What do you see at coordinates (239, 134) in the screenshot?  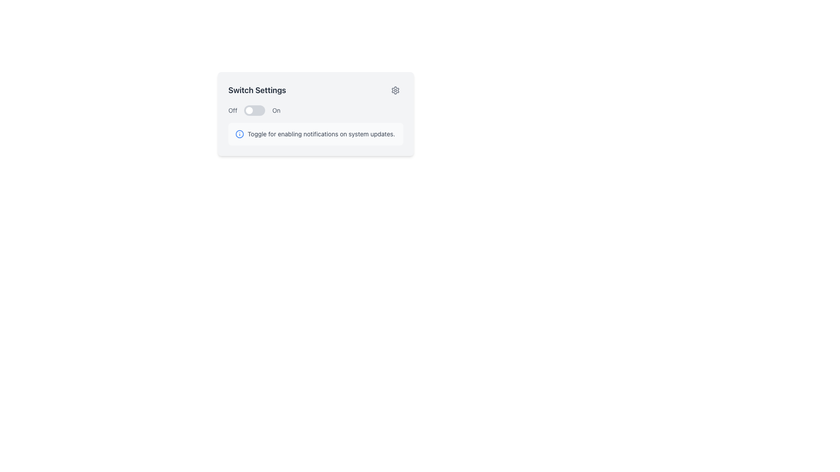 I see `the circular graphical element, which is part of an information icon located to the left of the notification toggle text` at bounding box center [239, 134].